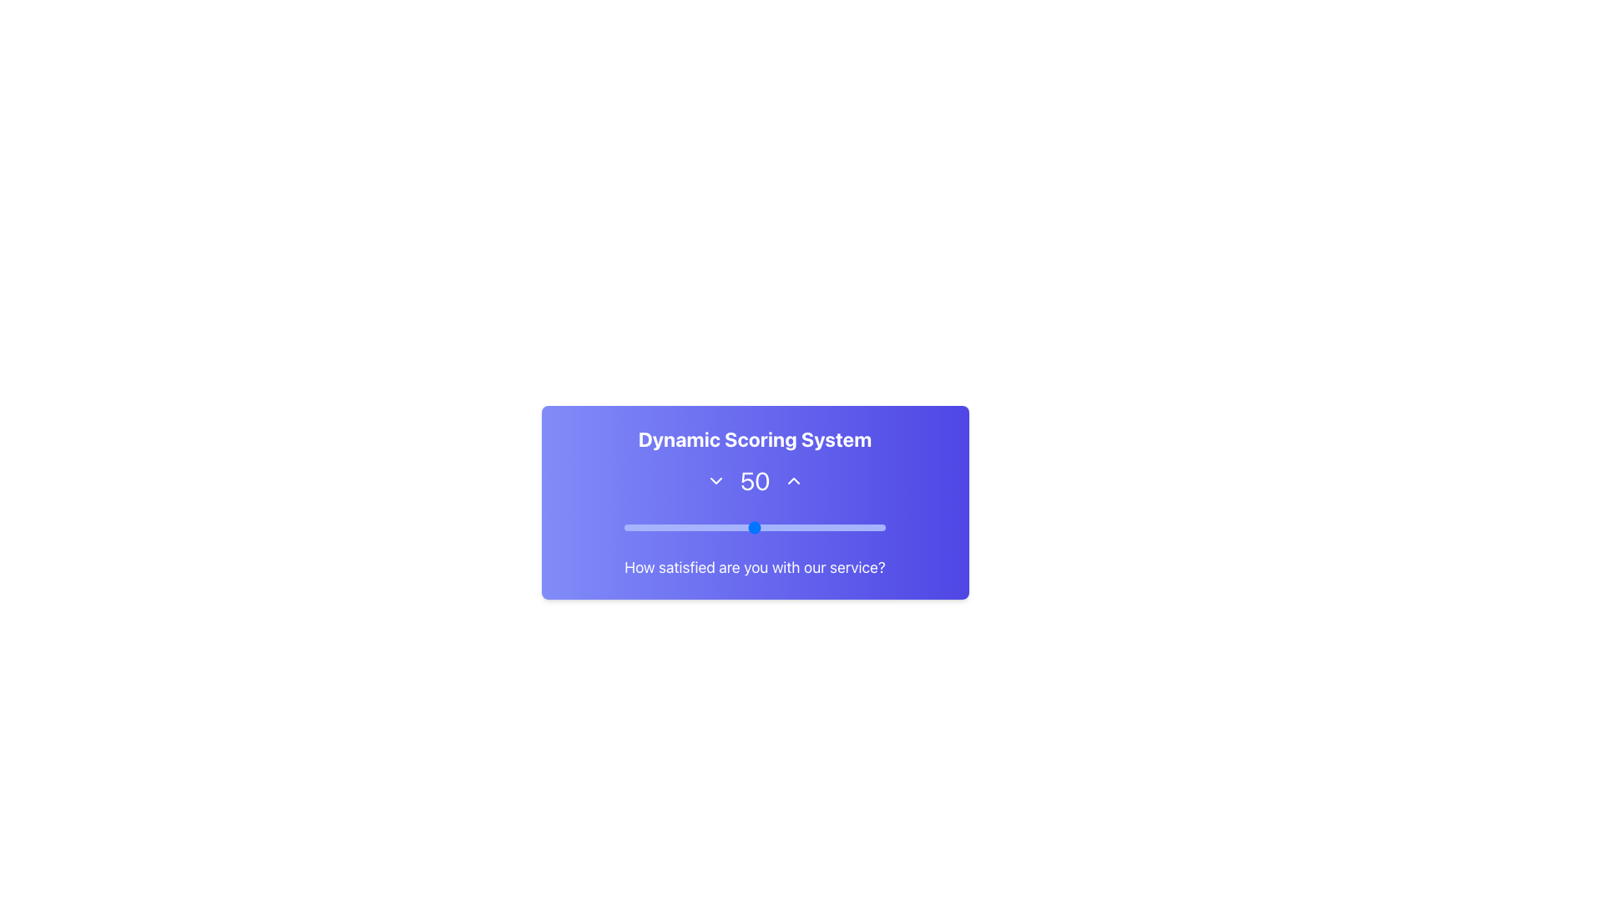  What do you see at coordinates (652, 524) in the screenshot?
I see `the slider` at bounding box center [652, 524].